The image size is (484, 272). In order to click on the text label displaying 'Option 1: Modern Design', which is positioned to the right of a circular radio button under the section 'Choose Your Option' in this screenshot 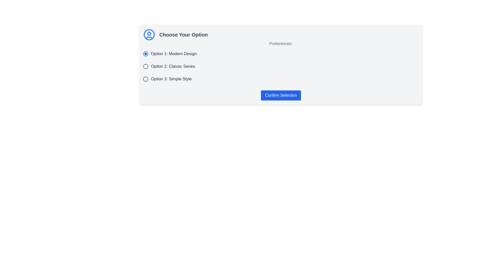, I will do `click(174, 54)`.